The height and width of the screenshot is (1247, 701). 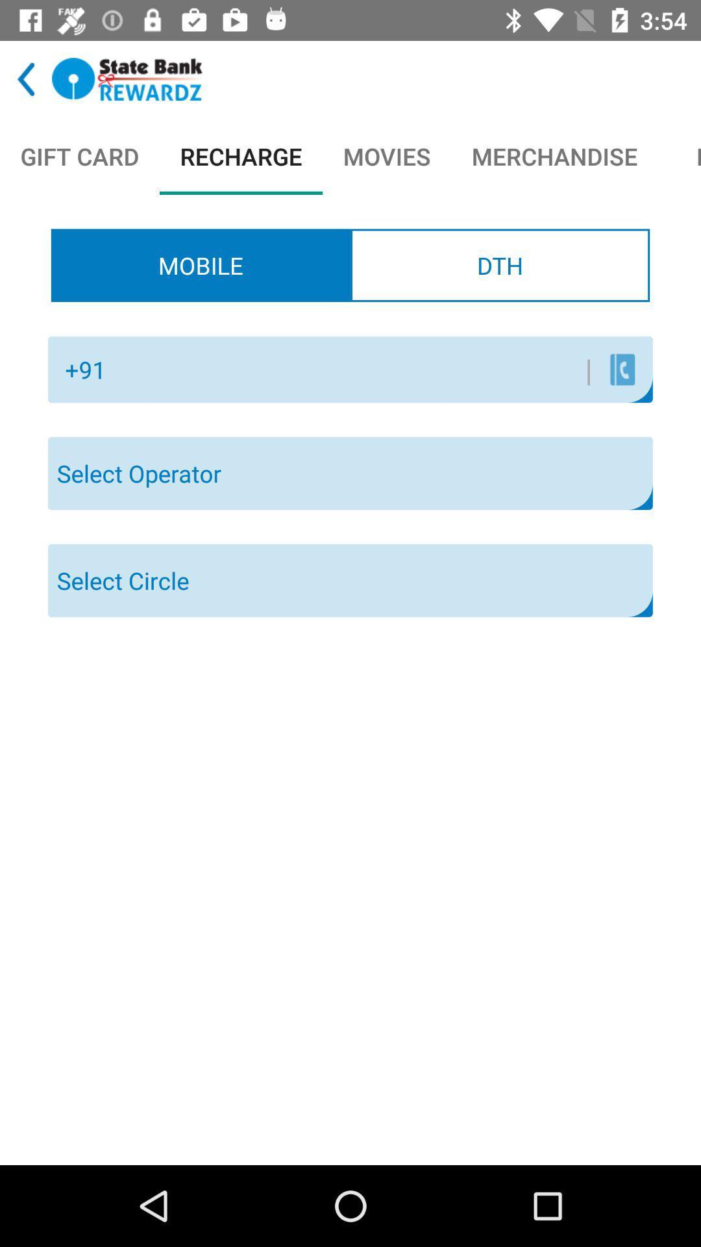 What do you see at coordinates (622, 369) in the screenshot?
I see `the contact icon under dth beside text field` at bounding box center [622, 369].